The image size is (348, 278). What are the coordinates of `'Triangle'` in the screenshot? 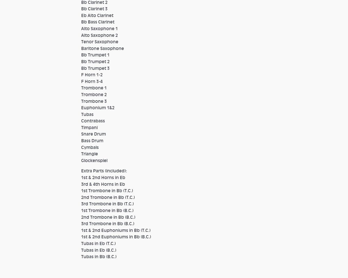 It's located at (89, 154).